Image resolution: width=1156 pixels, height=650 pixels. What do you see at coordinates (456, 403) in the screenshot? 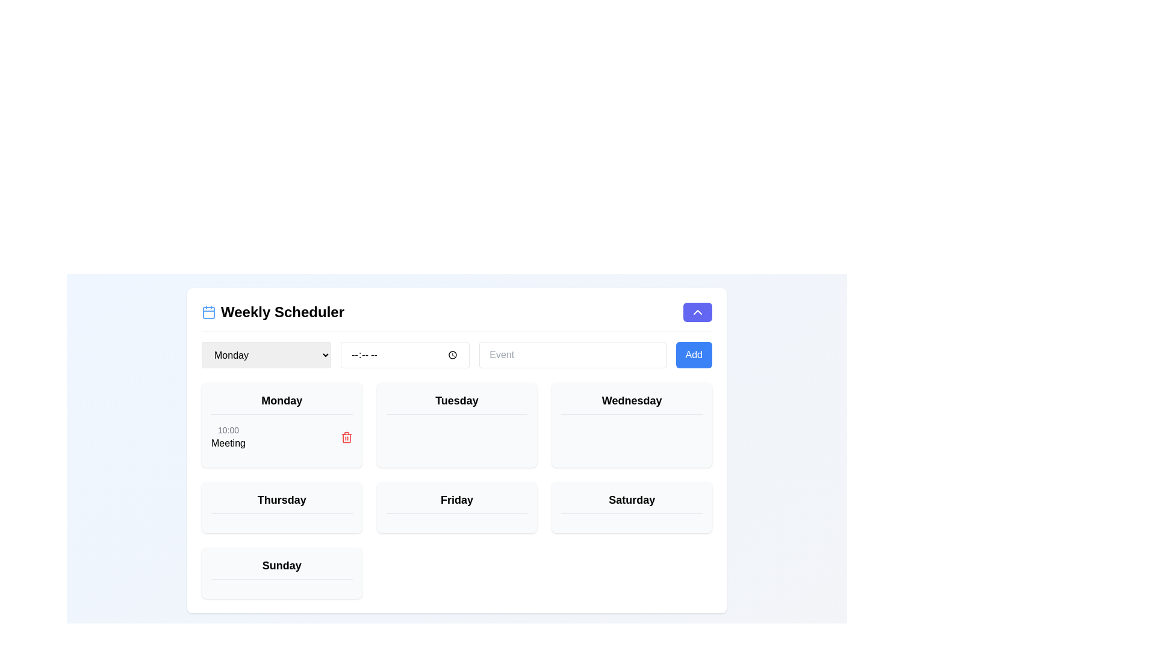
I see `the text label displaying 'Tuesday'` at bounding box center [456, 403].